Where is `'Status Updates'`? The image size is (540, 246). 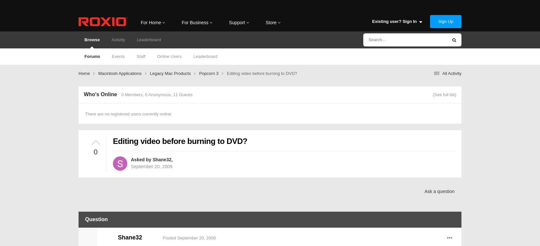
'Status Updates' is located at coordinates (411, 87).